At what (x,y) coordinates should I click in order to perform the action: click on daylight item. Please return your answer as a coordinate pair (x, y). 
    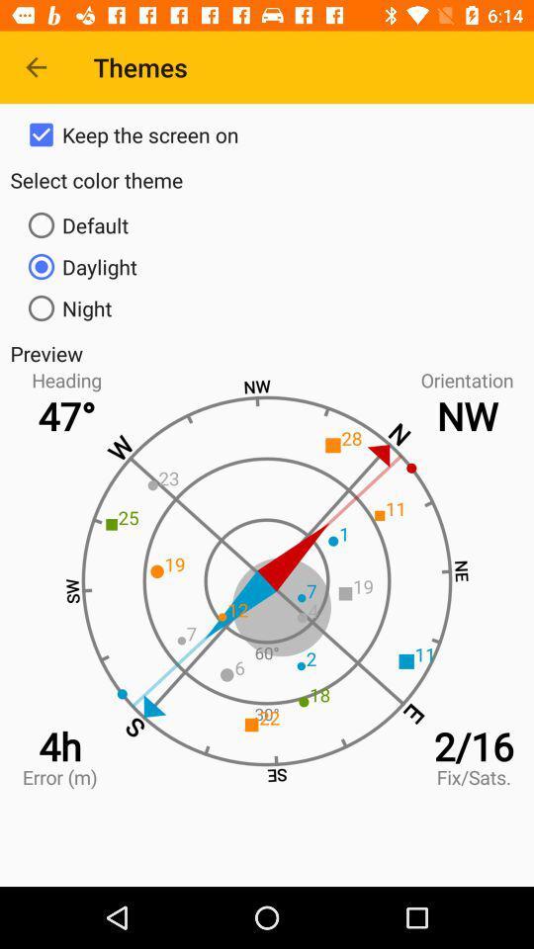
    Looking at the image, I should click on (267, 265).